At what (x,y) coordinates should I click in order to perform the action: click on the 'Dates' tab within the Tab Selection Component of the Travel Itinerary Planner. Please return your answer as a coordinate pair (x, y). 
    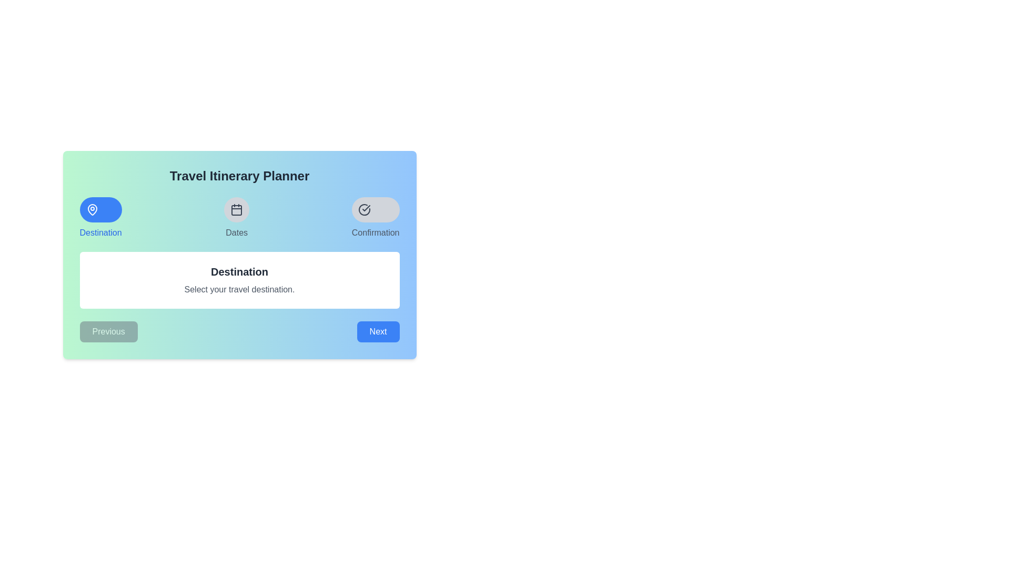
    Looking at the image, I should click on (239, 218).